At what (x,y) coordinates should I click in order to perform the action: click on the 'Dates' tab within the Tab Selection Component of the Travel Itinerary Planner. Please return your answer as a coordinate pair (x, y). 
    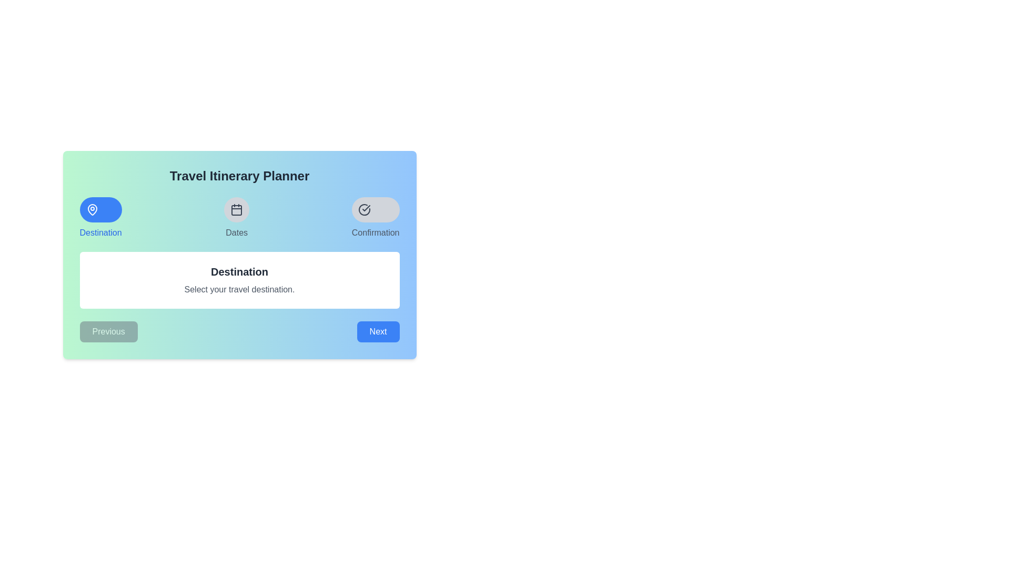
    Looking at the image, I should click on (239, 218).